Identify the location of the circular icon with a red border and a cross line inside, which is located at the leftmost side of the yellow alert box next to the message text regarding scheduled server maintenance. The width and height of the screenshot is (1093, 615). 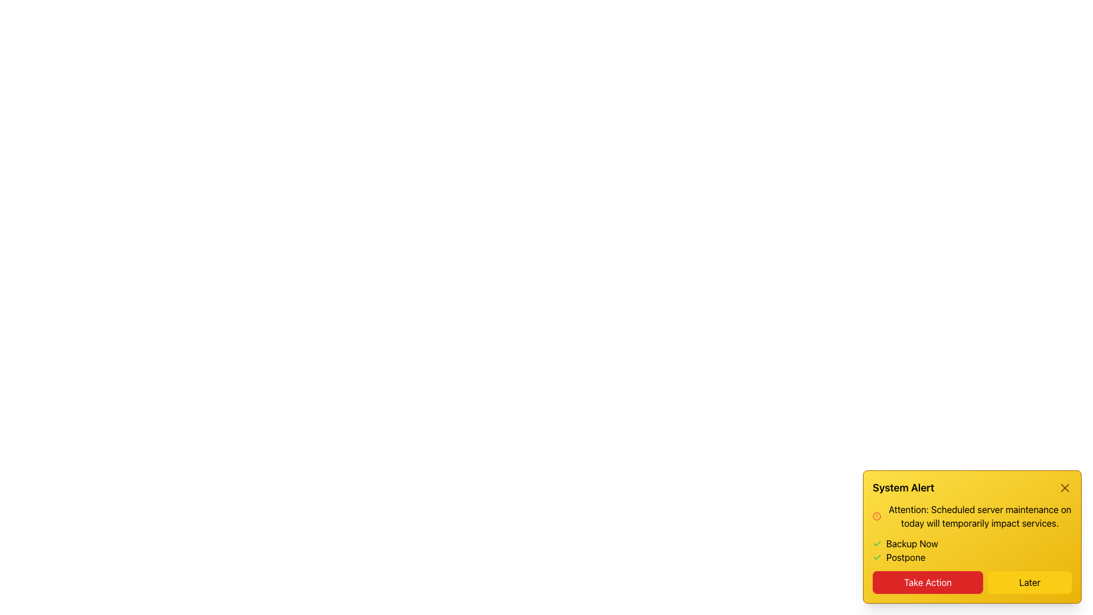
(876, 516).